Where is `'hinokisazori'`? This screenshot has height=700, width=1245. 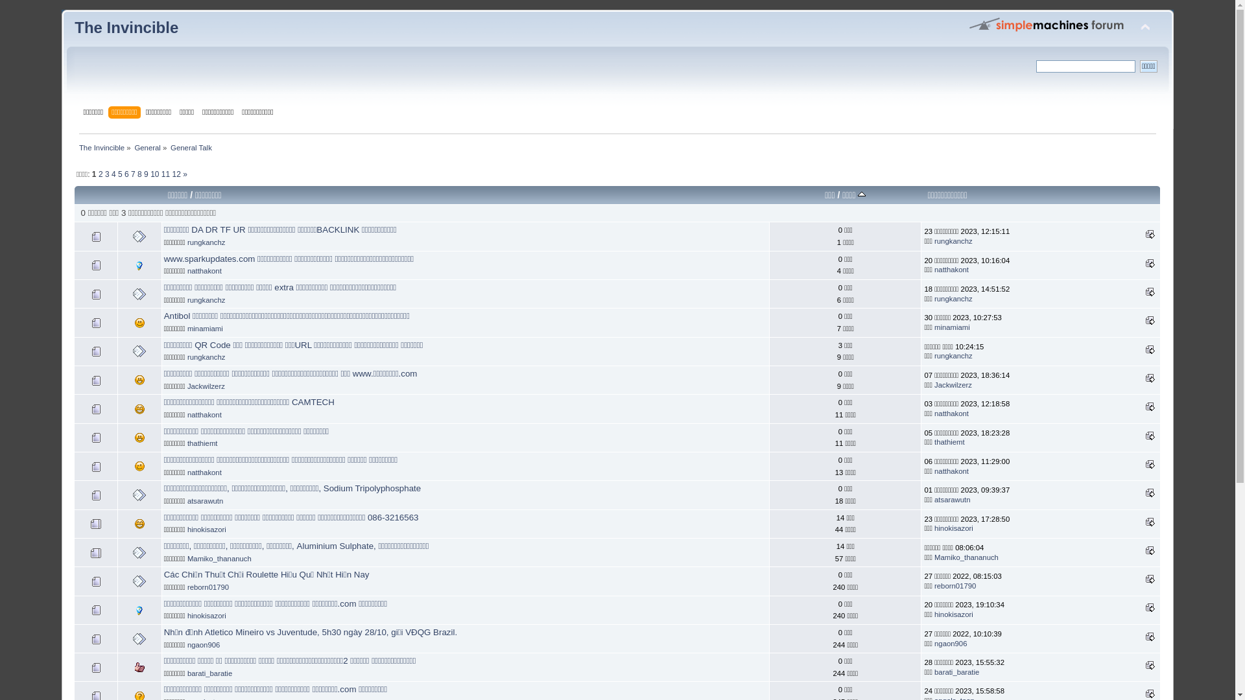 'hinokisazori' is located at coordinates (206, 614).